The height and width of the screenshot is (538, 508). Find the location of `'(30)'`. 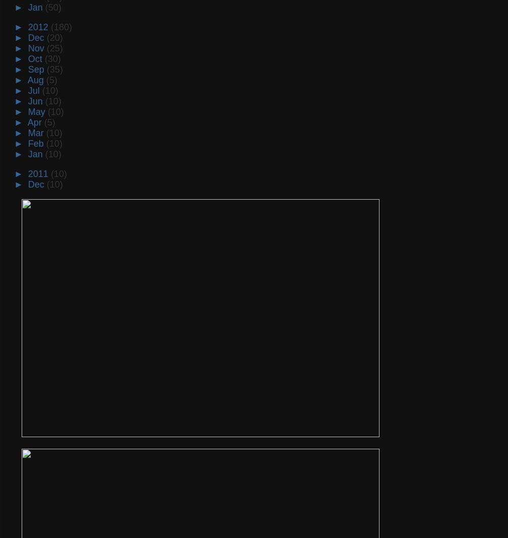

'(30)' is located at coordinates (52, 57).